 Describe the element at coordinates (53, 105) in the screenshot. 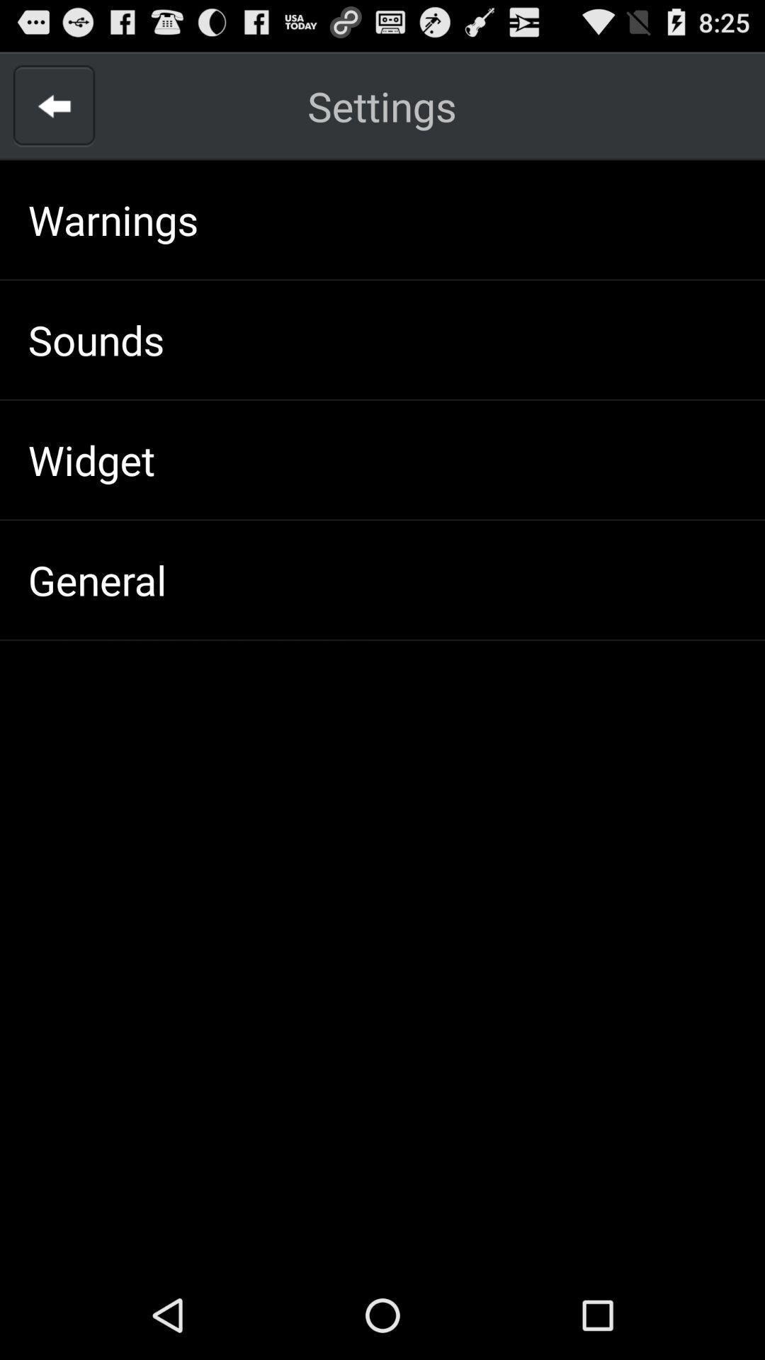

I see `the icon to the left of the settings item` at that location.